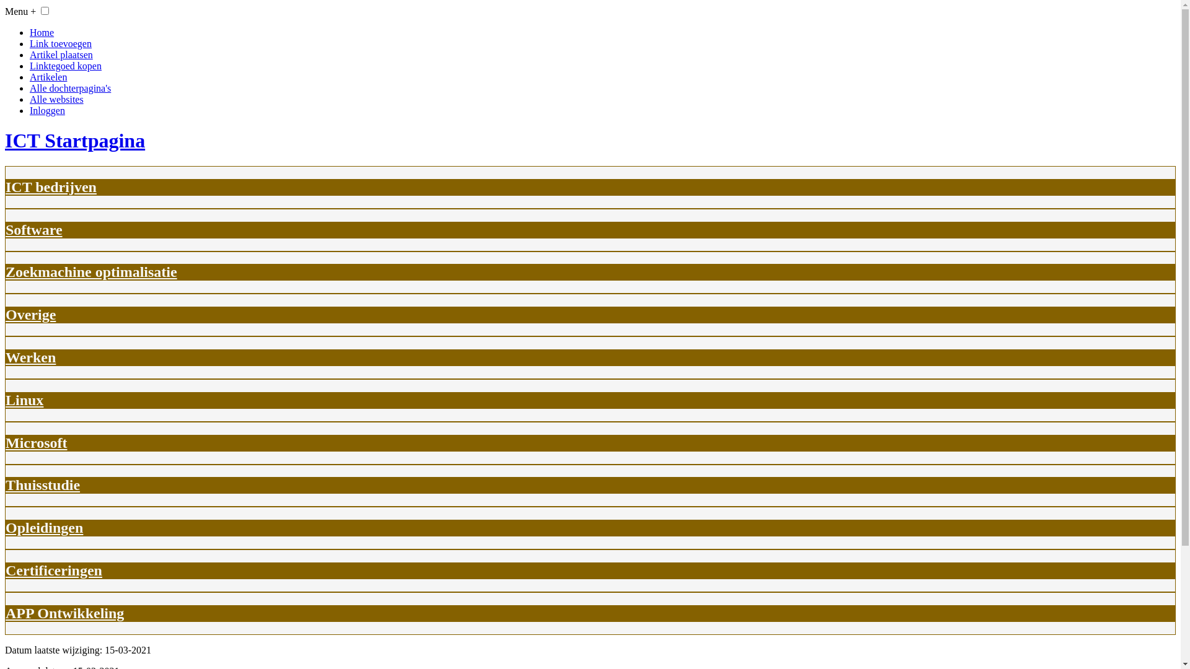 This screenshot has height=669, width=1190. I want to click on 'Alle websites', so click(56, 98).